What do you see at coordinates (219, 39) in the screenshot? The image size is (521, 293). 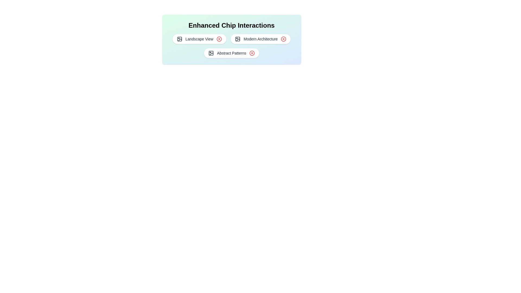 I see `close button on the chip labeled Landscape View to remove it` at bounding box center [219, 39].